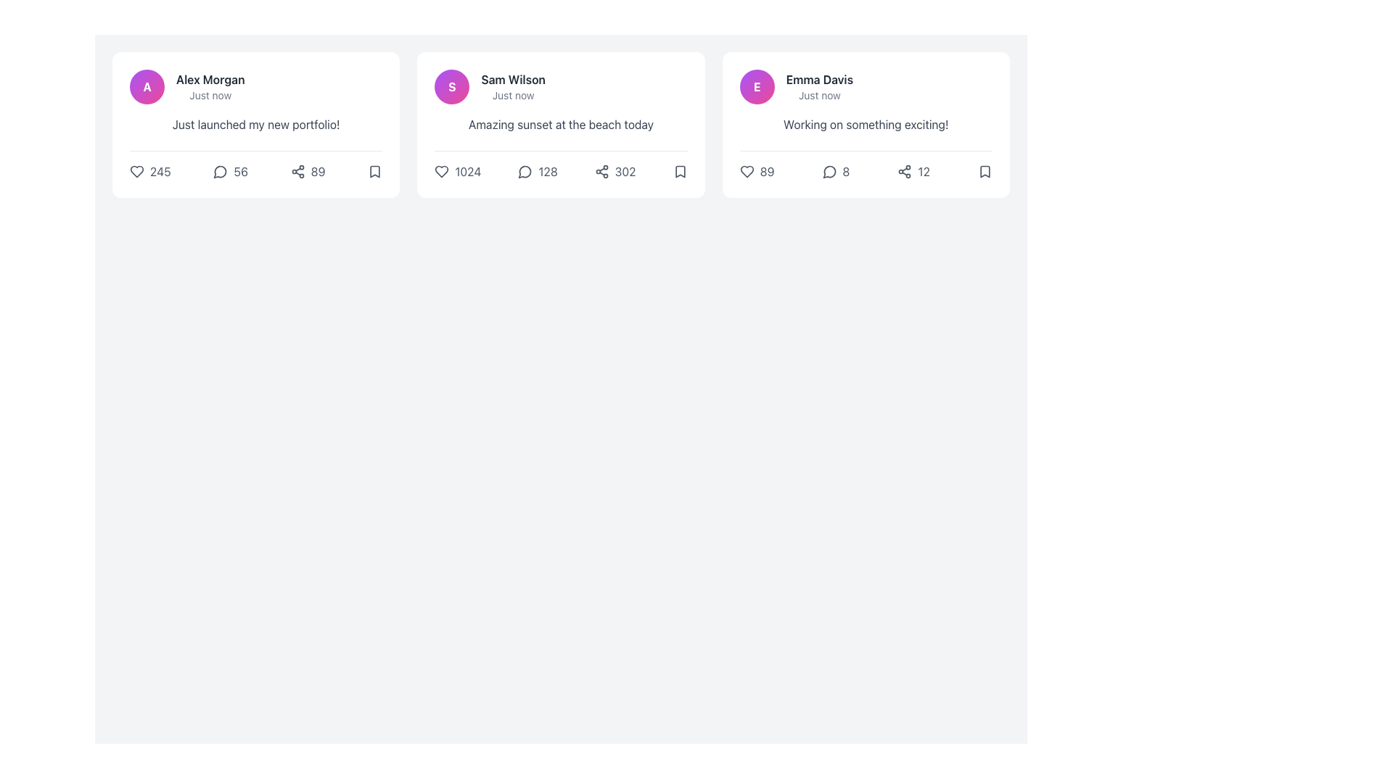 This screenshot has height=783, width=1393. I want to click on the share icon with a numeric label located in the lower-right area of Emma Davis's post card by moving the cursor to it, so click(913, 170).